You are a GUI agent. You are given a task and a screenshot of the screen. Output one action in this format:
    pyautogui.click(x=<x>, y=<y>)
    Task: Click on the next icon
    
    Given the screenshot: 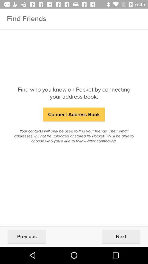 What is the action you would take?
    pyautogui.click(x=121, y=236)
    